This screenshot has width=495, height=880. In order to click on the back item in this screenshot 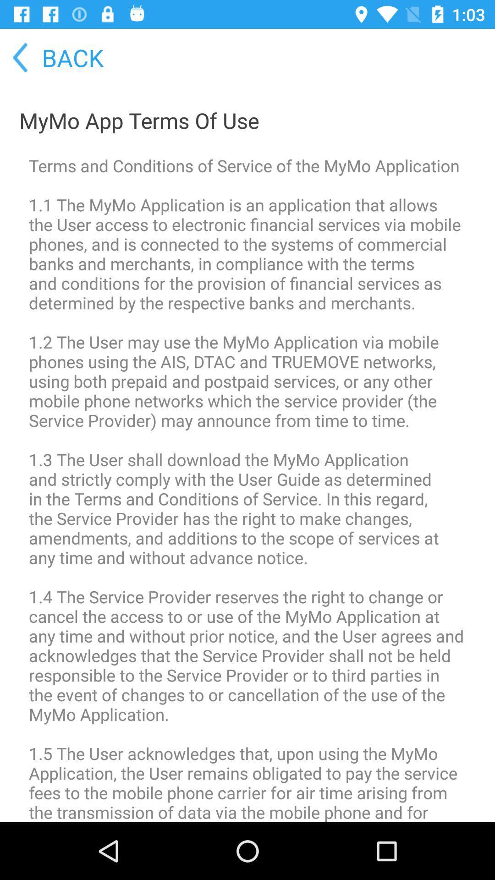, I will do `click(53, 57)`.